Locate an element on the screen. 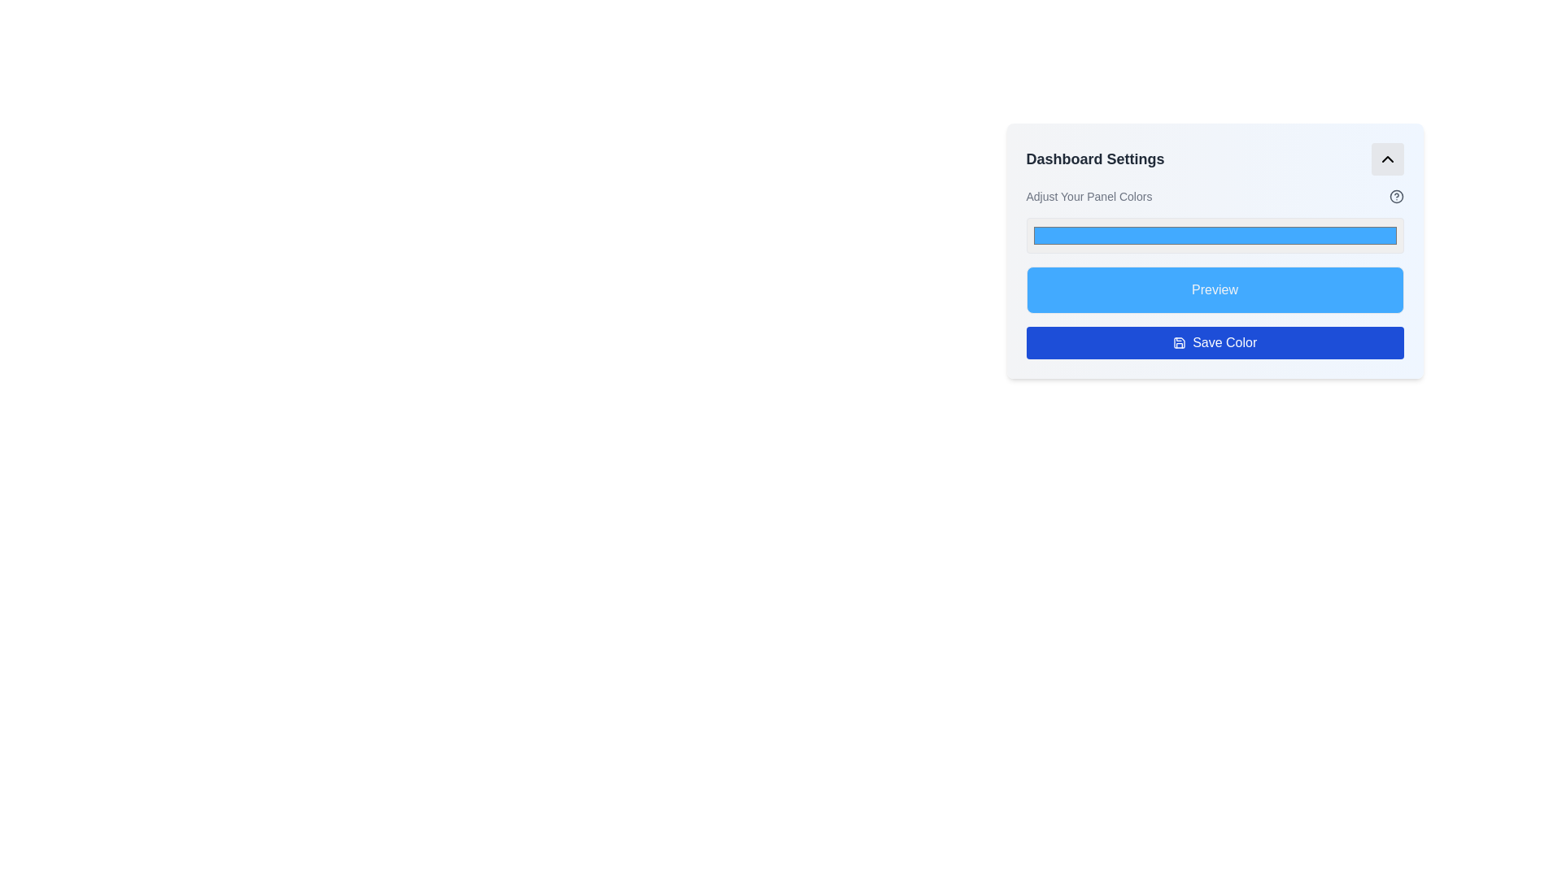 The image size is (1562, 878). the small square icon with a light gray background and a black upward-facing chevron located at the top-right corner of the 'Dashboard Settings' panel header to potentially see a tooltip is located at coordinates (1386, 159).